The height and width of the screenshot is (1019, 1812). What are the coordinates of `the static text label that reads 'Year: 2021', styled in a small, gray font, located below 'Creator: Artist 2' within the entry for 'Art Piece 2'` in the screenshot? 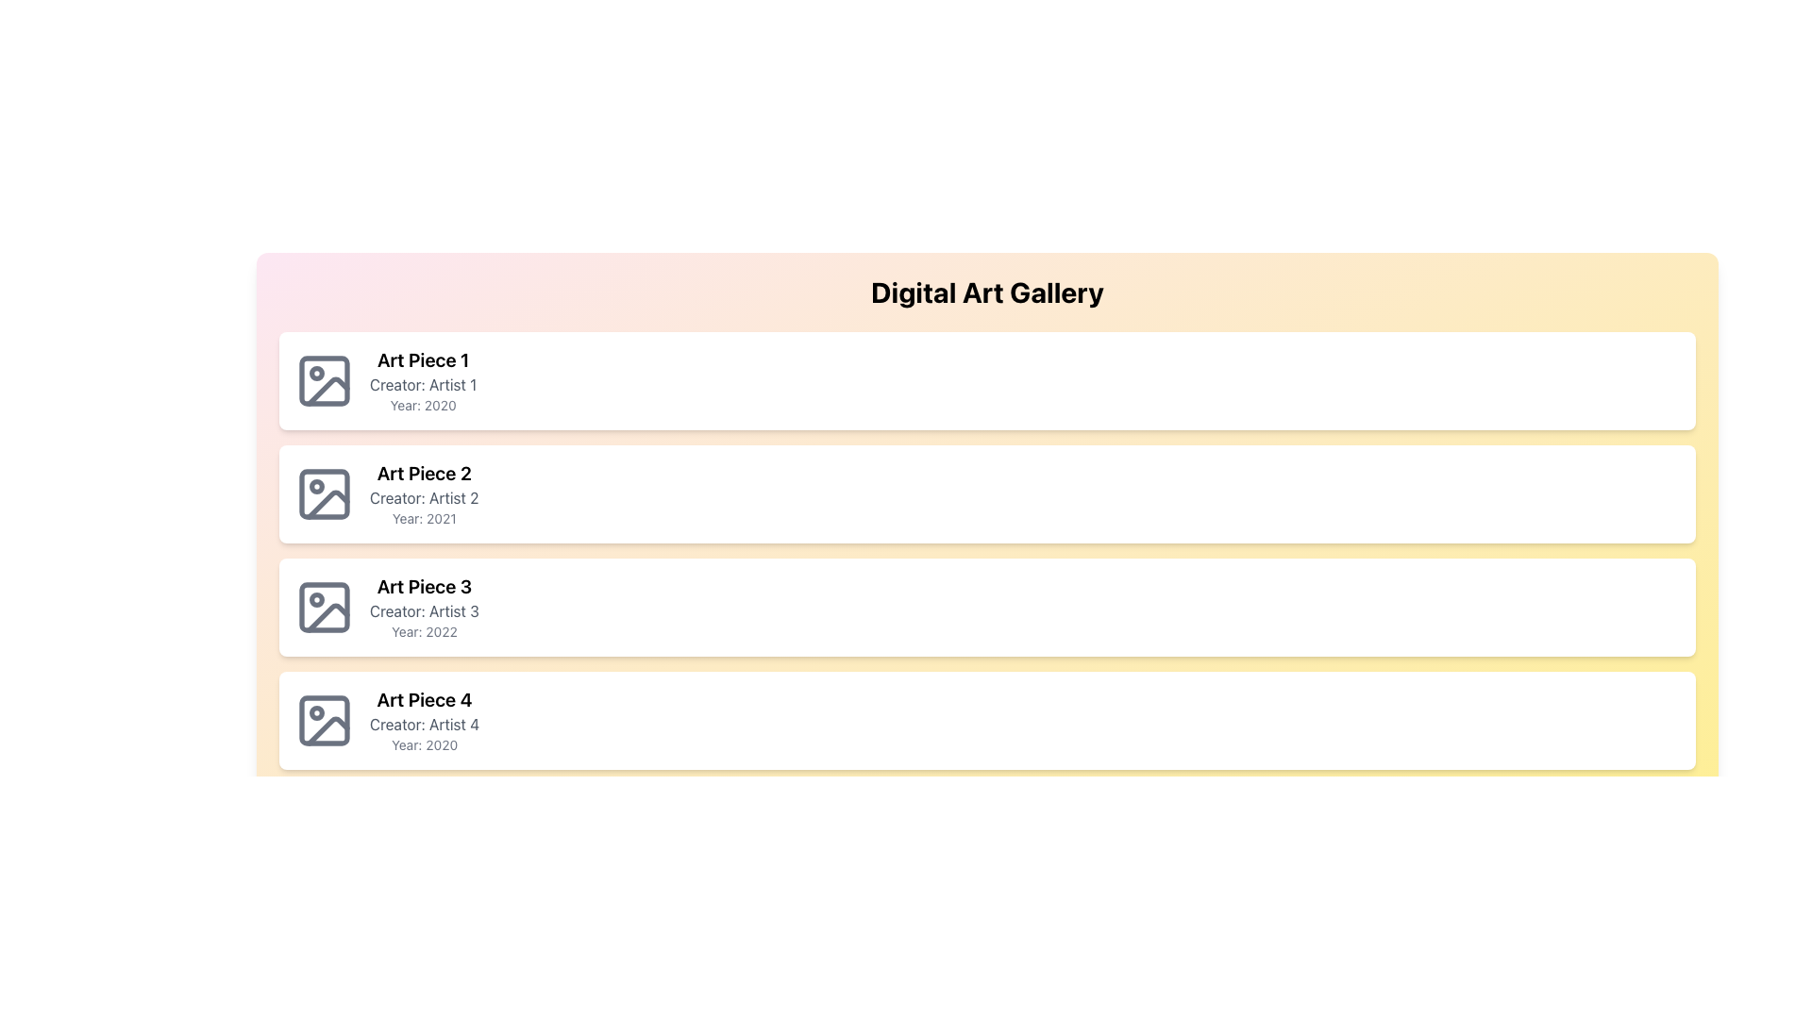 It's located at (423, 519).